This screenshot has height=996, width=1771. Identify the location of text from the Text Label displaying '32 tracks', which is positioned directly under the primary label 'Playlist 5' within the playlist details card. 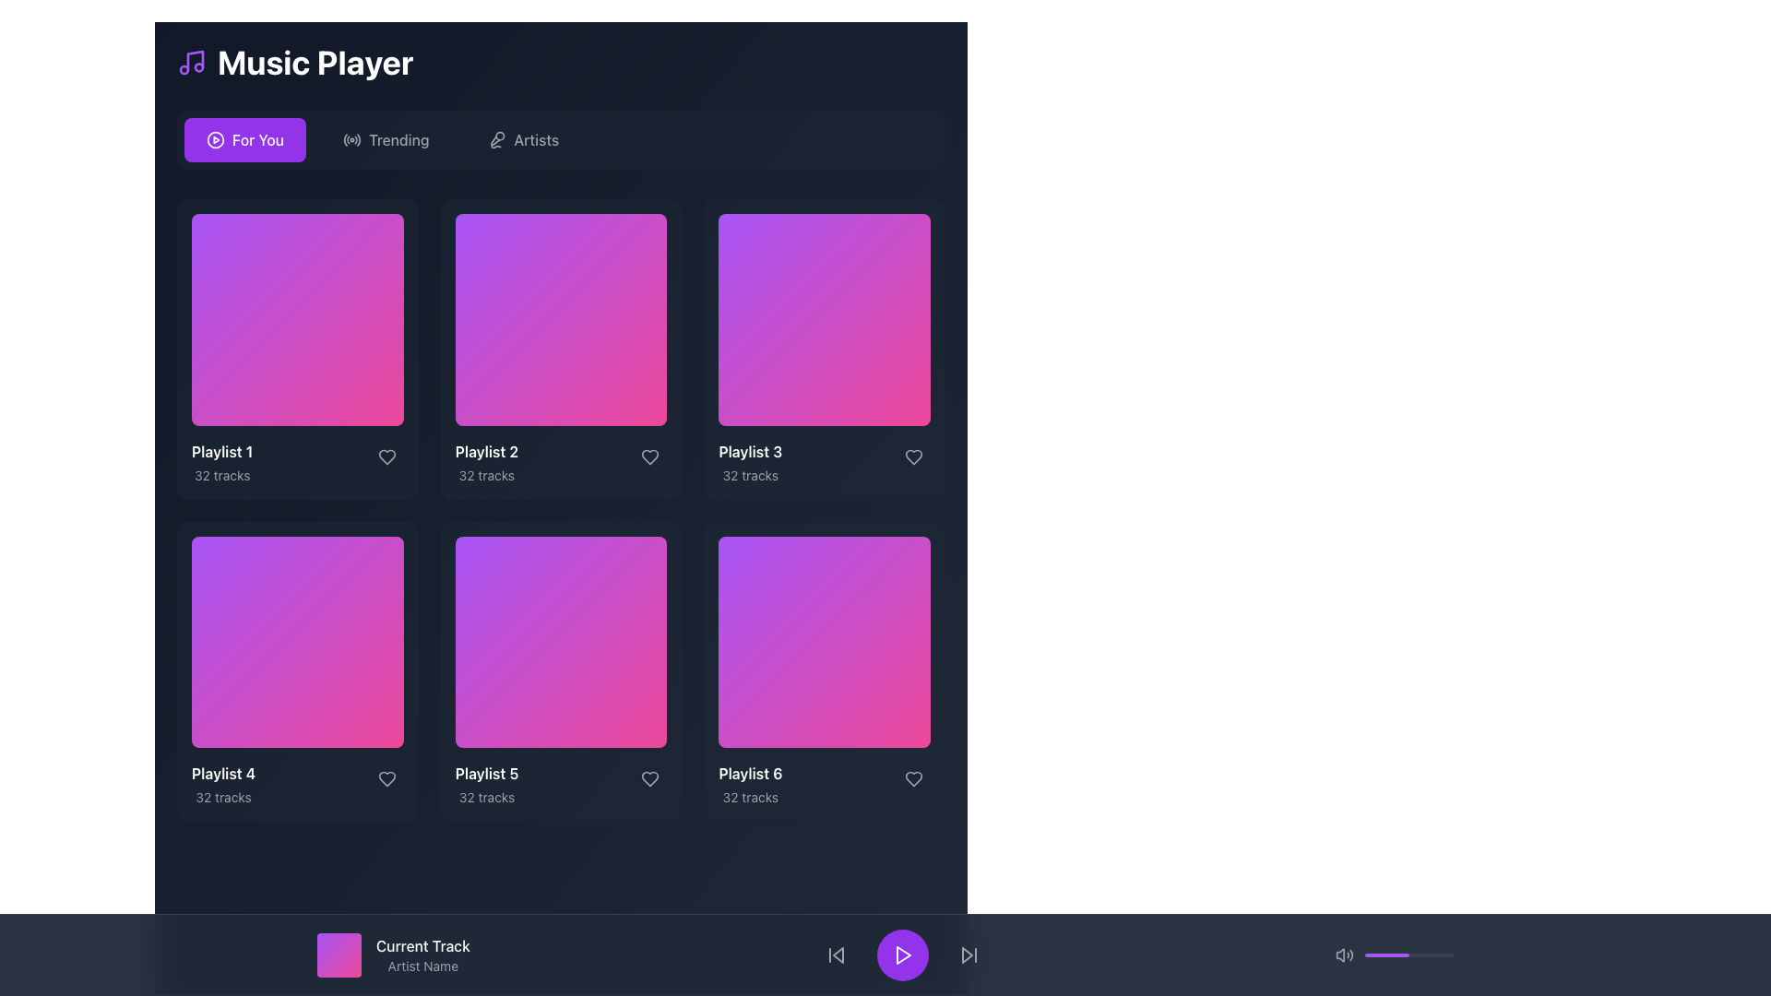
(487, 797).